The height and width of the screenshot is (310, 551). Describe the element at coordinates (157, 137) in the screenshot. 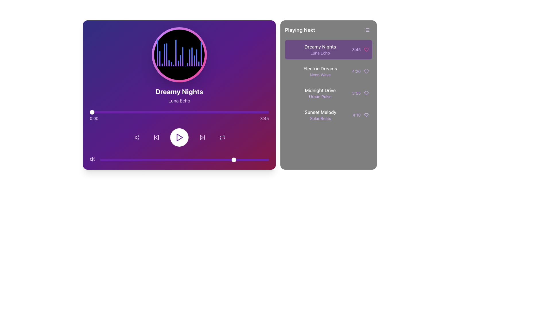

I see `the skip backward button in the media player interface` at that location.